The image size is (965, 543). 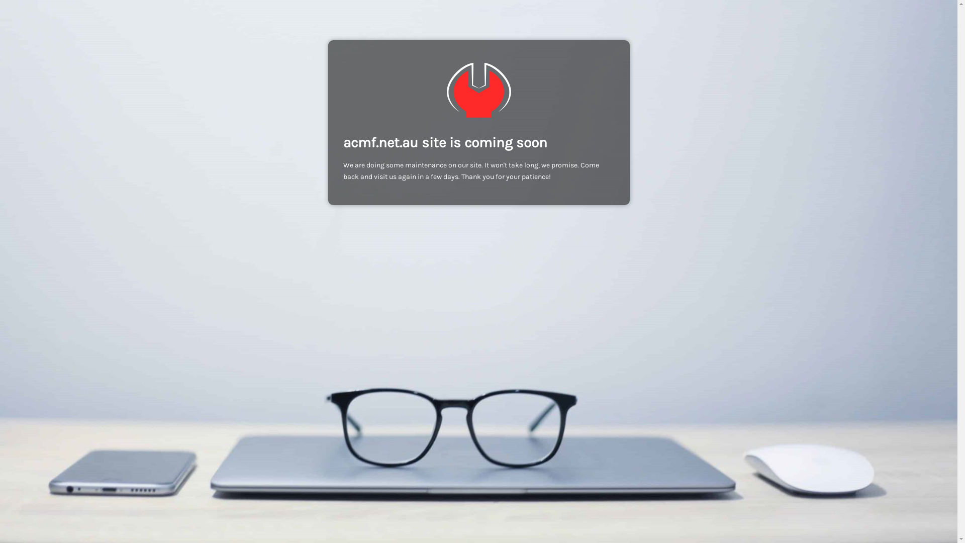 What do you see at coordinates (477, 89) in the screenshot?
I see `'ACMF Metal Fabrication'` at bounding box center [477, 89].